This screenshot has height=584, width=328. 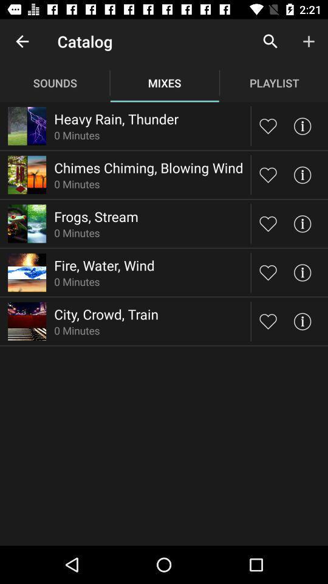 What do you see at coordinates (301, 223) in the screenshot?
I see `information for frogs stream` at bounding box center [301, 223].